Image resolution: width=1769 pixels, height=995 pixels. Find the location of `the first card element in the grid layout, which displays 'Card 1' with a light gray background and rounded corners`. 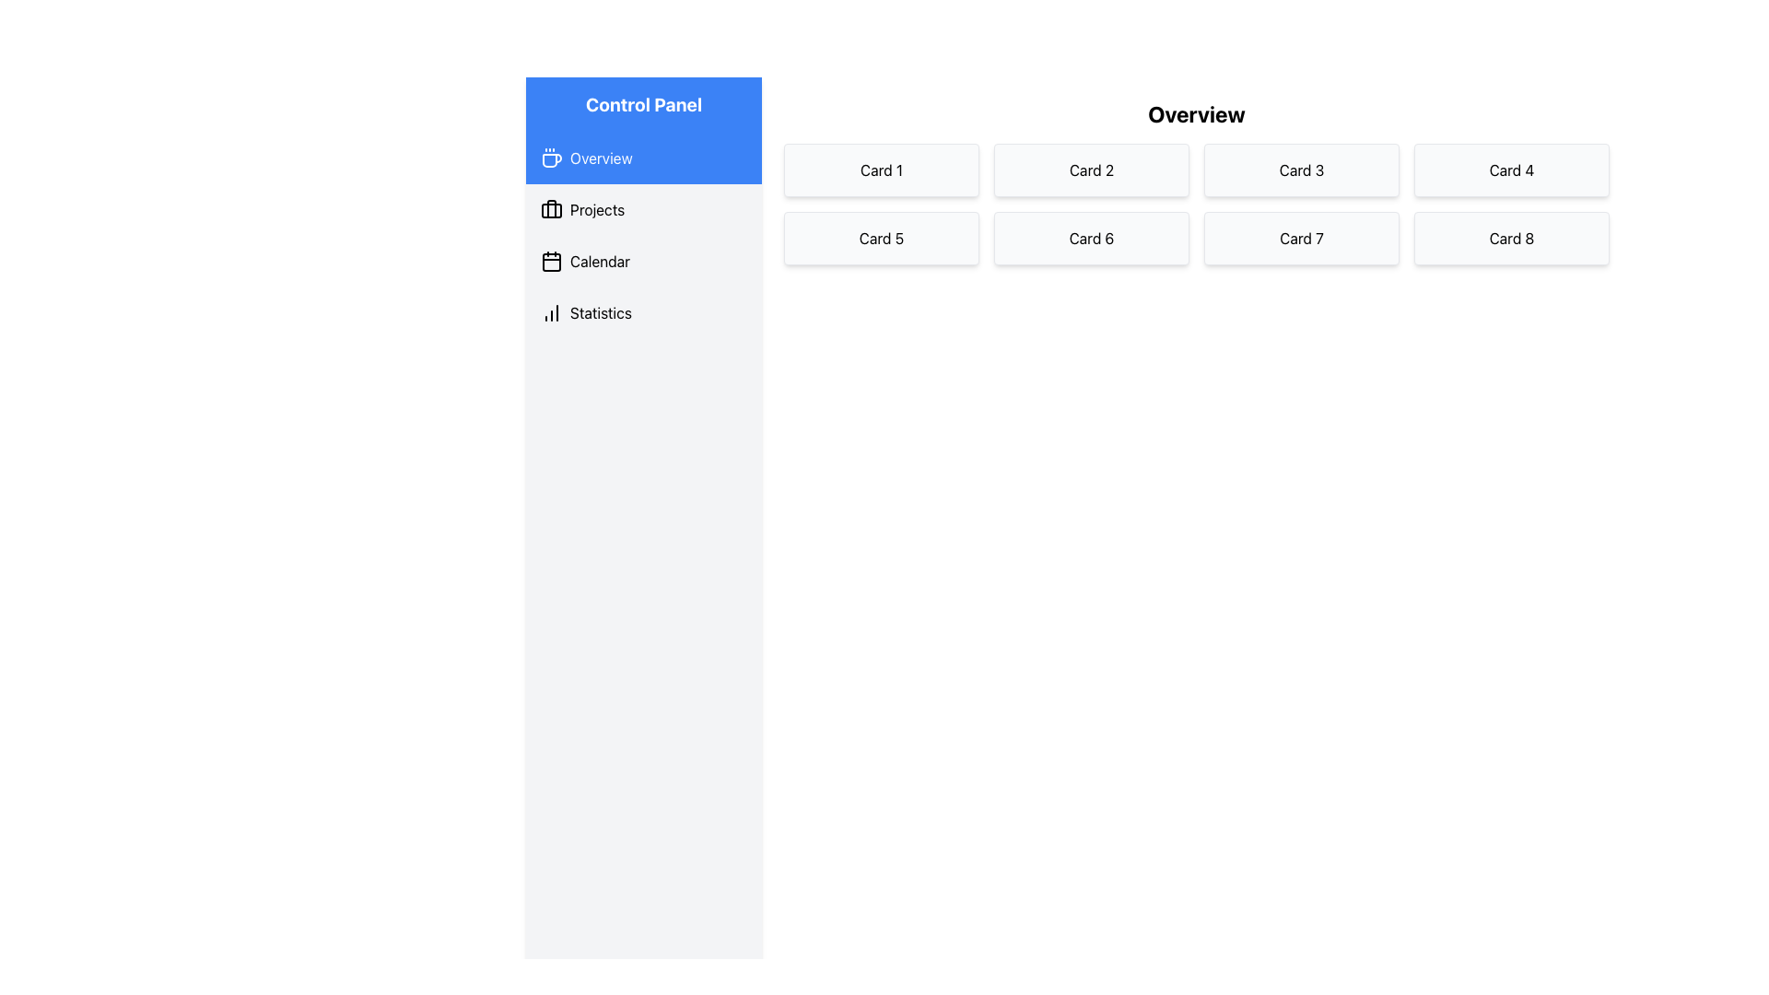

the first card element in the grid layout, which displays 'Card 1' with a light gray background and rounded corners is located at coordinates (880, 170).